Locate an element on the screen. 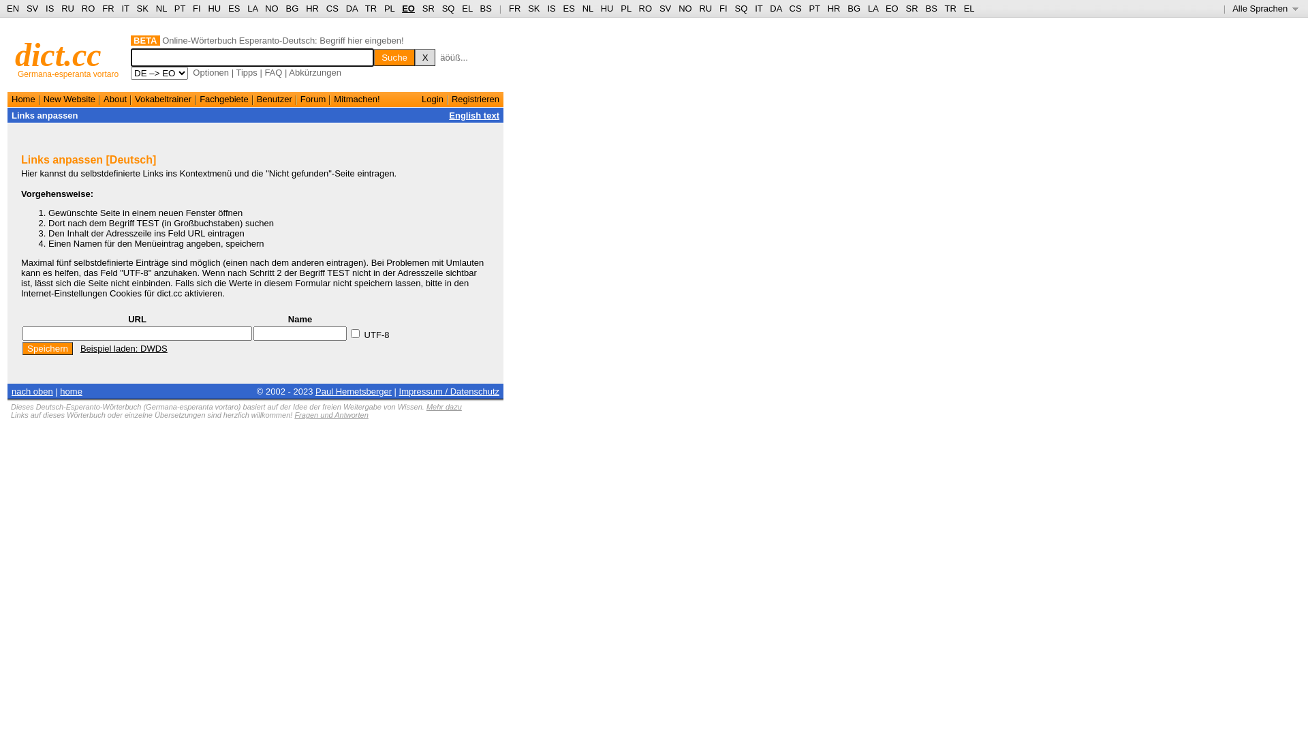  'New Website' is located at coordinates (68, 98).